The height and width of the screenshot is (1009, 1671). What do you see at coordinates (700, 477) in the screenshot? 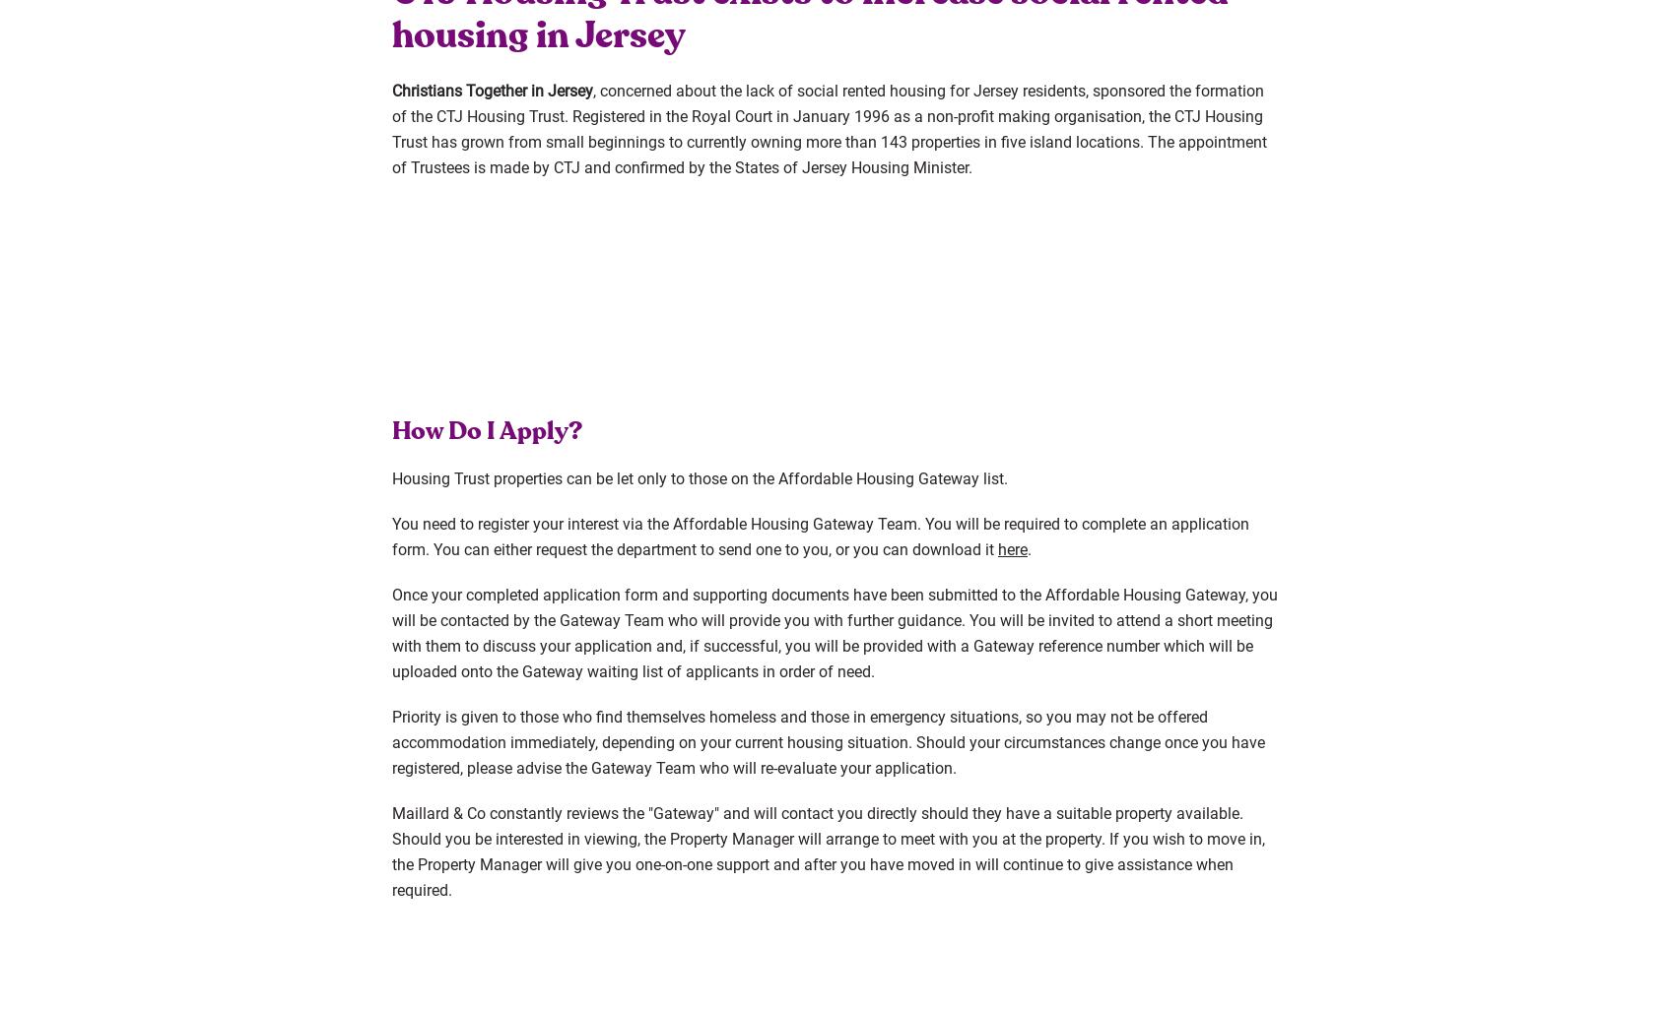
I see `'Housing Trust properties can be let only to those on the Affordable Housing Gateway list.'` at bounding box center [700, 477].